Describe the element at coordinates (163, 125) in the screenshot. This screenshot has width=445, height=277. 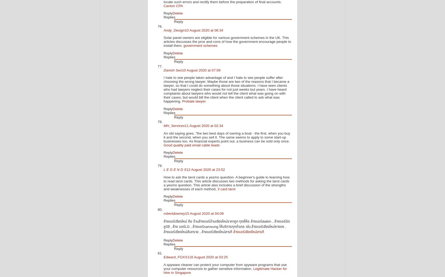
I see `'MH_Services'` at that location.